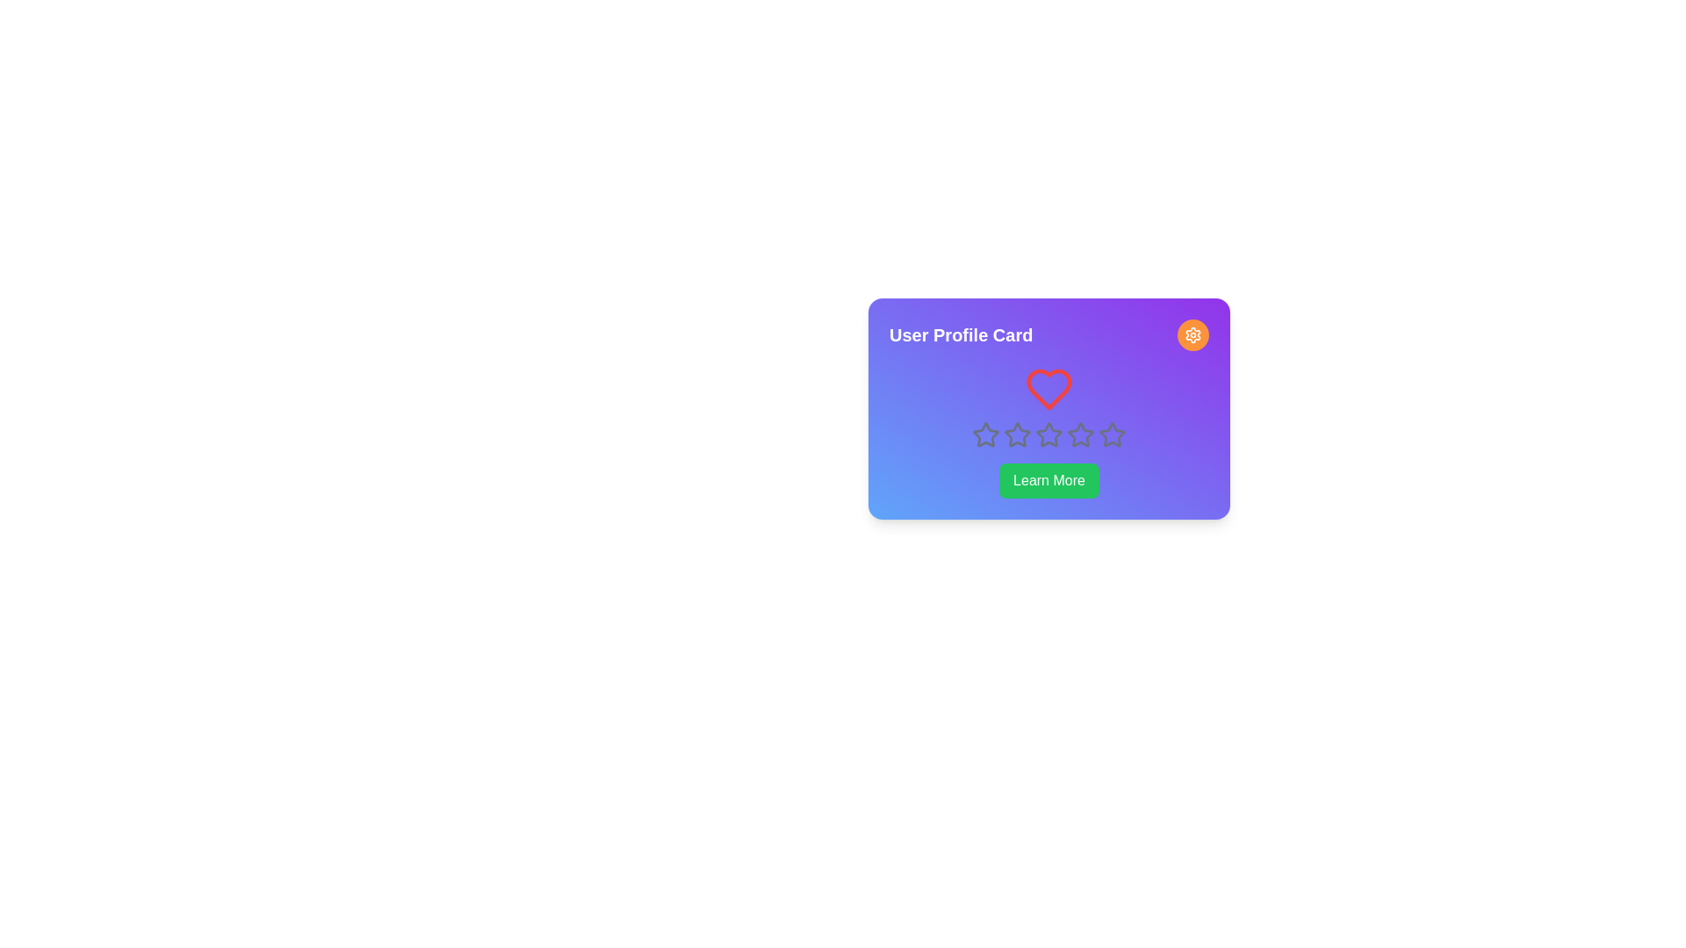  I want to click on the fifth rating star icon located at the bottom center of the card interface, so click(1079, 434).